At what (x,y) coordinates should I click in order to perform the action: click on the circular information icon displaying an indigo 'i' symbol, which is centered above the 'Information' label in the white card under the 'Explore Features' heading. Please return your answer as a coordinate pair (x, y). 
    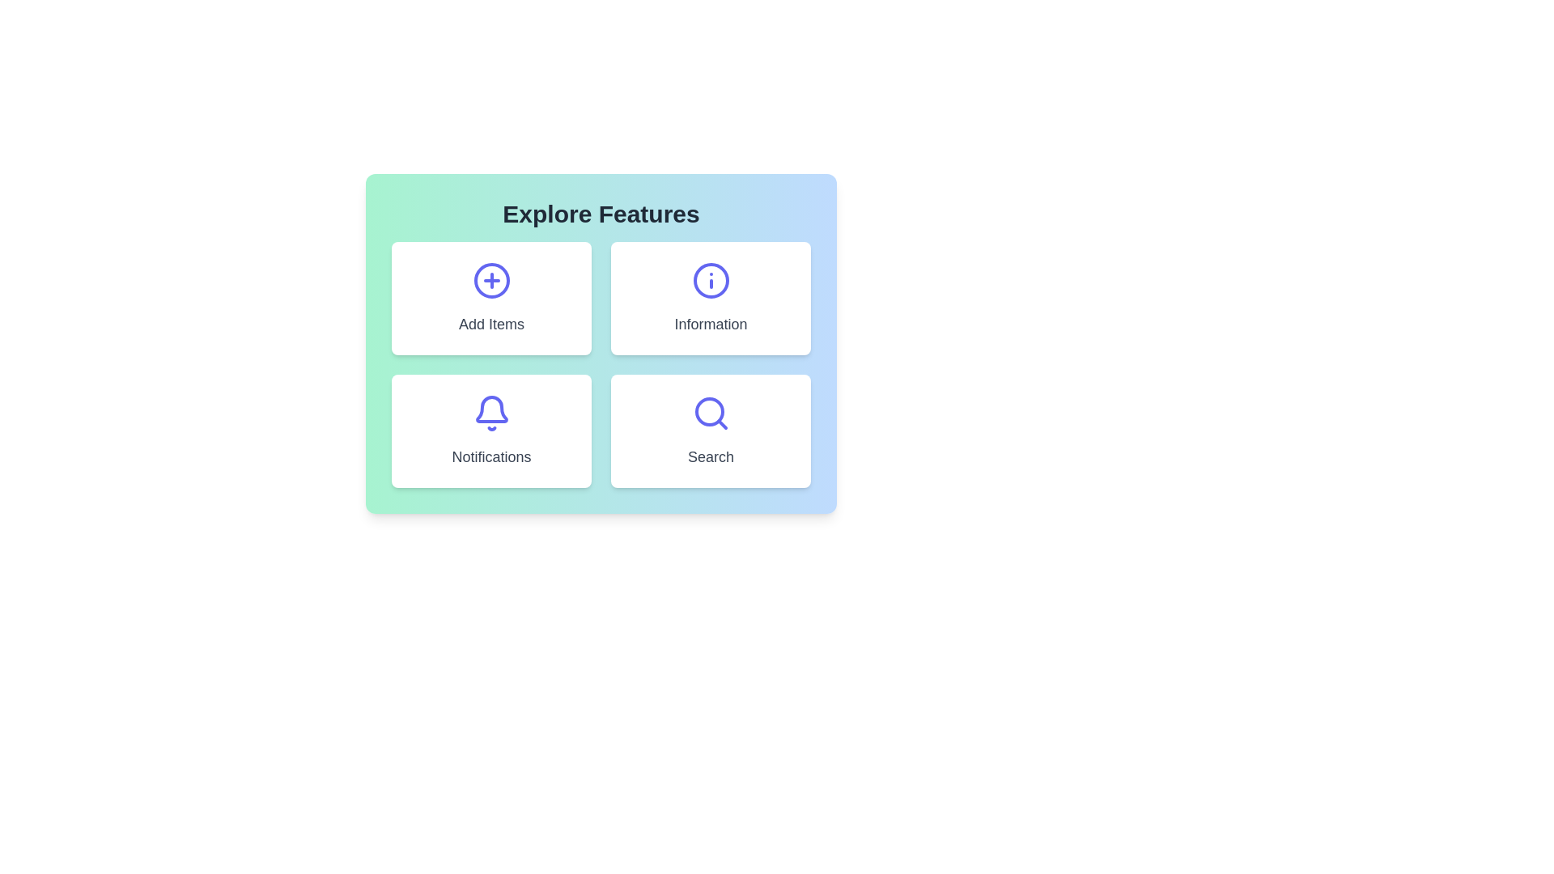
    Looking at the image, I should click on (711, 280).